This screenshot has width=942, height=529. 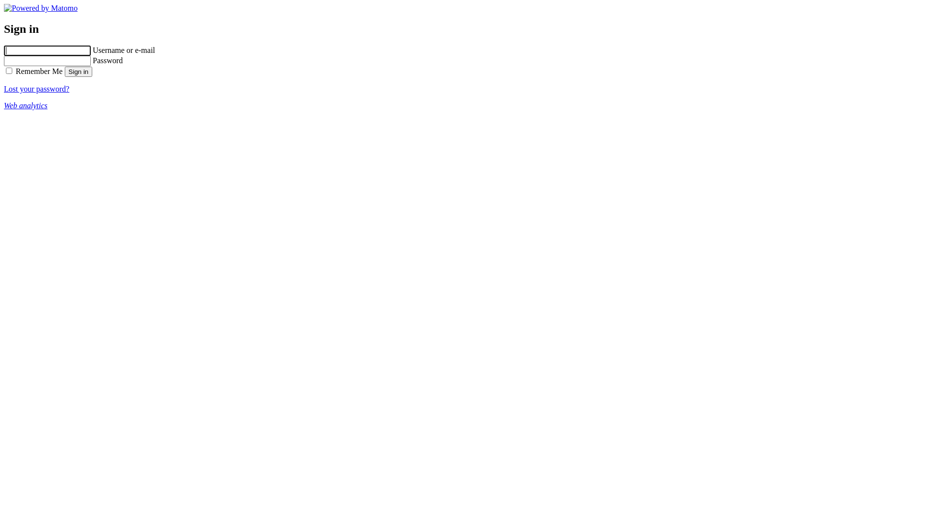 What do you see at coordinates (26, 105) in the screenshot?
I see `'Web analytics'` at bounding box center [26, 105].